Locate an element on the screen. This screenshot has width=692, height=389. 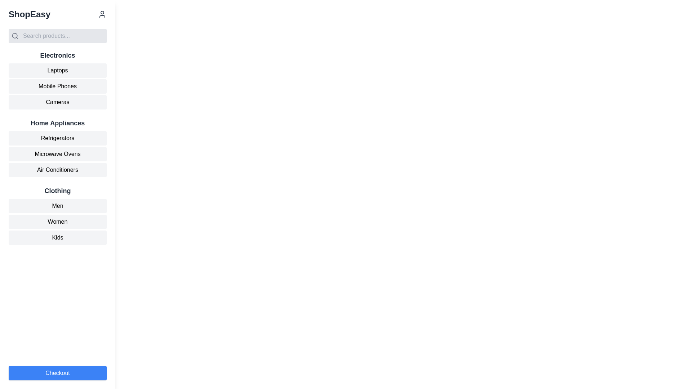
the static text display element representing the branding 'ShopEasy', which is positioned at the top left of the application interface is located at coordinates (29, 14).